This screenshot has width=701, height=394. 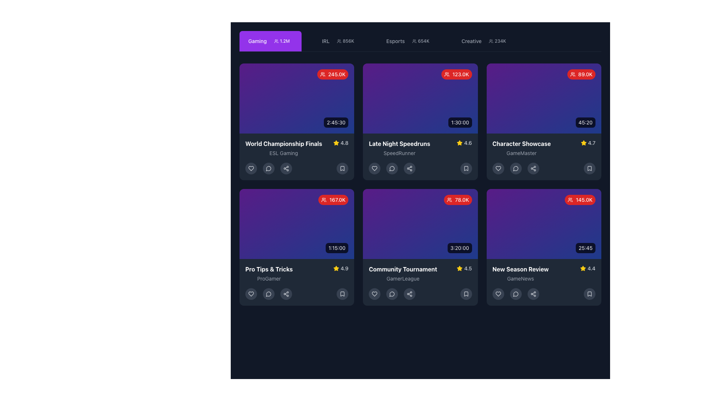 I want to click on the count value displayed on the label indicating the number of viewers or participants for the 'World Championship Finals' card, located at the top-right corner of the card, so click(x=332, y=74).